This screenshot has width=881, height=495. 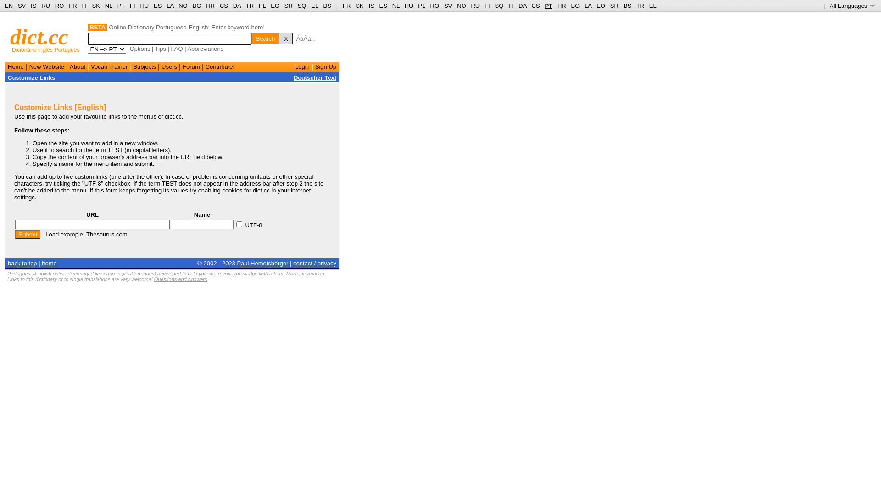 I want to click on 'FR', so click(x=346, y=5).